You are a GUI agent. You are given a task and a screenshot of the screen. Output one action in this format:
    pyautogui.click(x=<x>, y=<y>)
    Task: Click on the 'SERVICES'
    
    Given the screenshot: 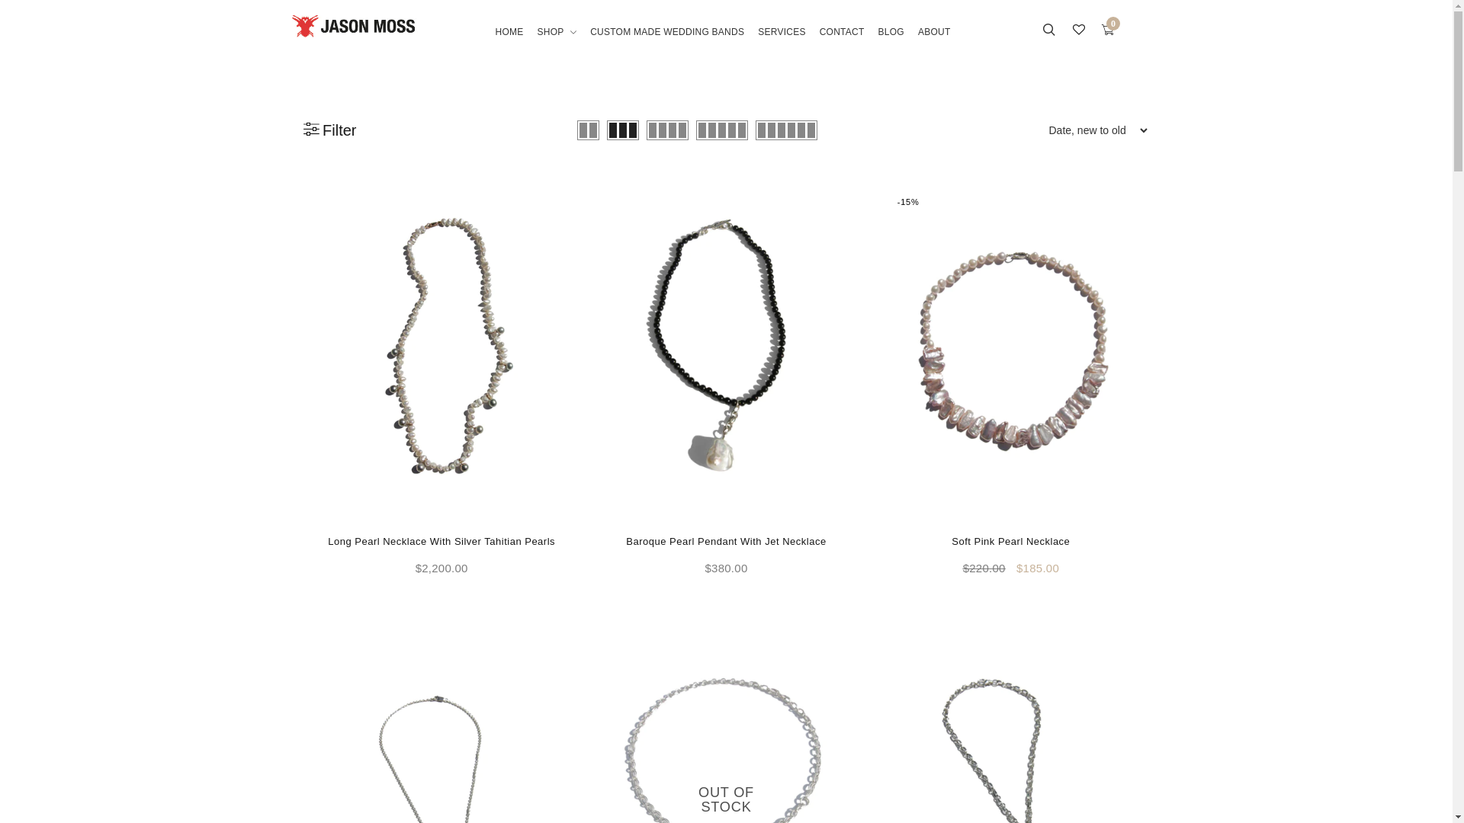 What is the action you would take?
    pyautogui.click(x=782, y=43)
    